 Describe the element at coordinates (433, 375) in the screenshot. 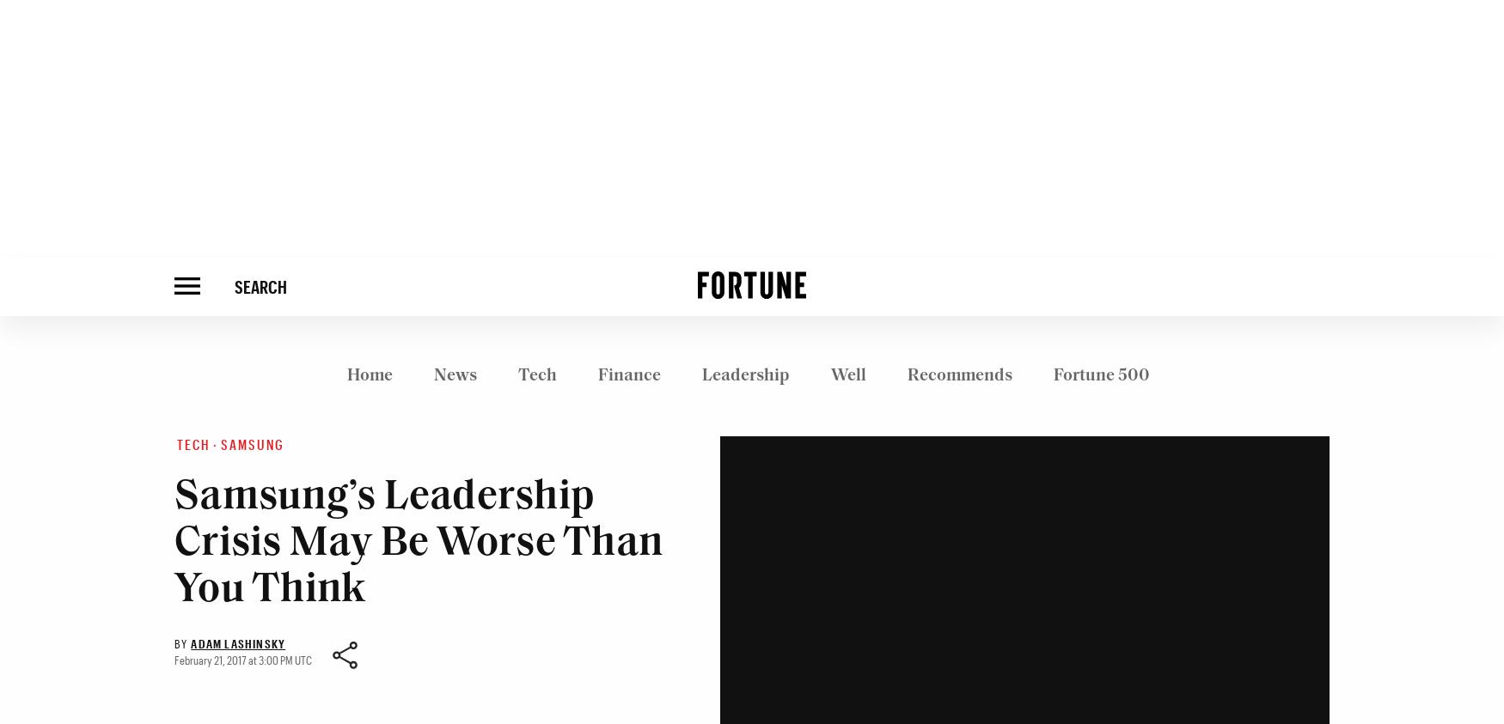

I see `'News'` at that location.